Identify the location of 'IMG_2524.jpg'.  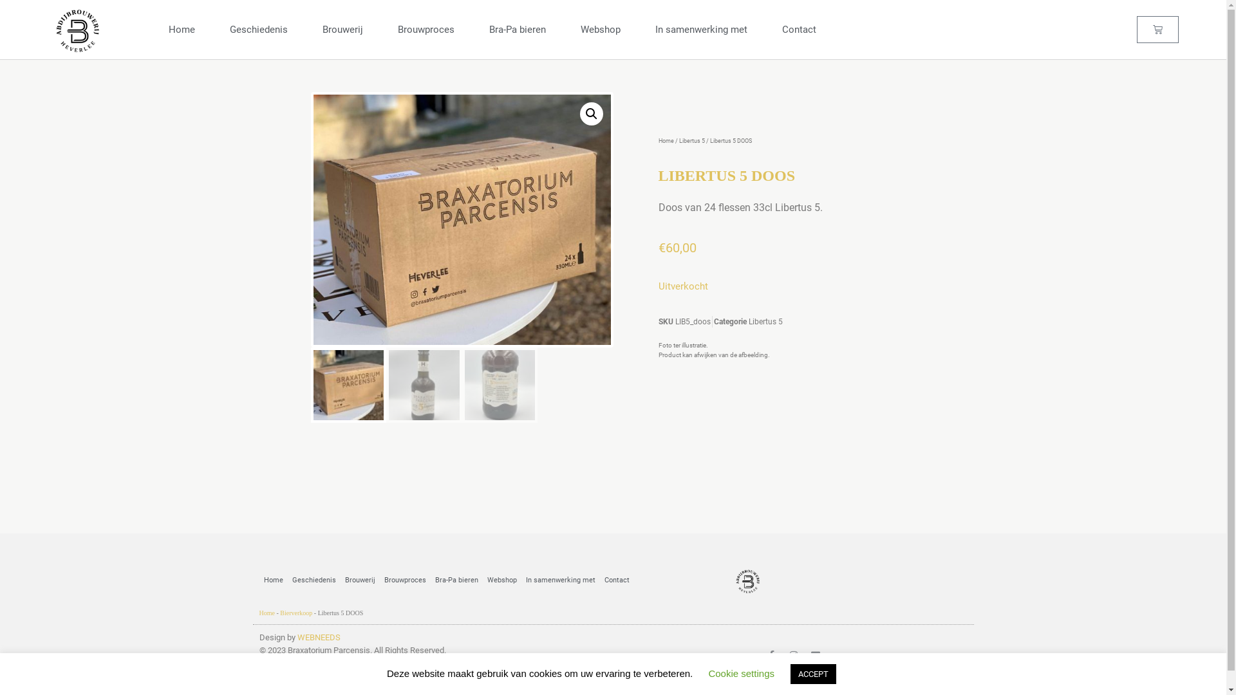
(759, 293).